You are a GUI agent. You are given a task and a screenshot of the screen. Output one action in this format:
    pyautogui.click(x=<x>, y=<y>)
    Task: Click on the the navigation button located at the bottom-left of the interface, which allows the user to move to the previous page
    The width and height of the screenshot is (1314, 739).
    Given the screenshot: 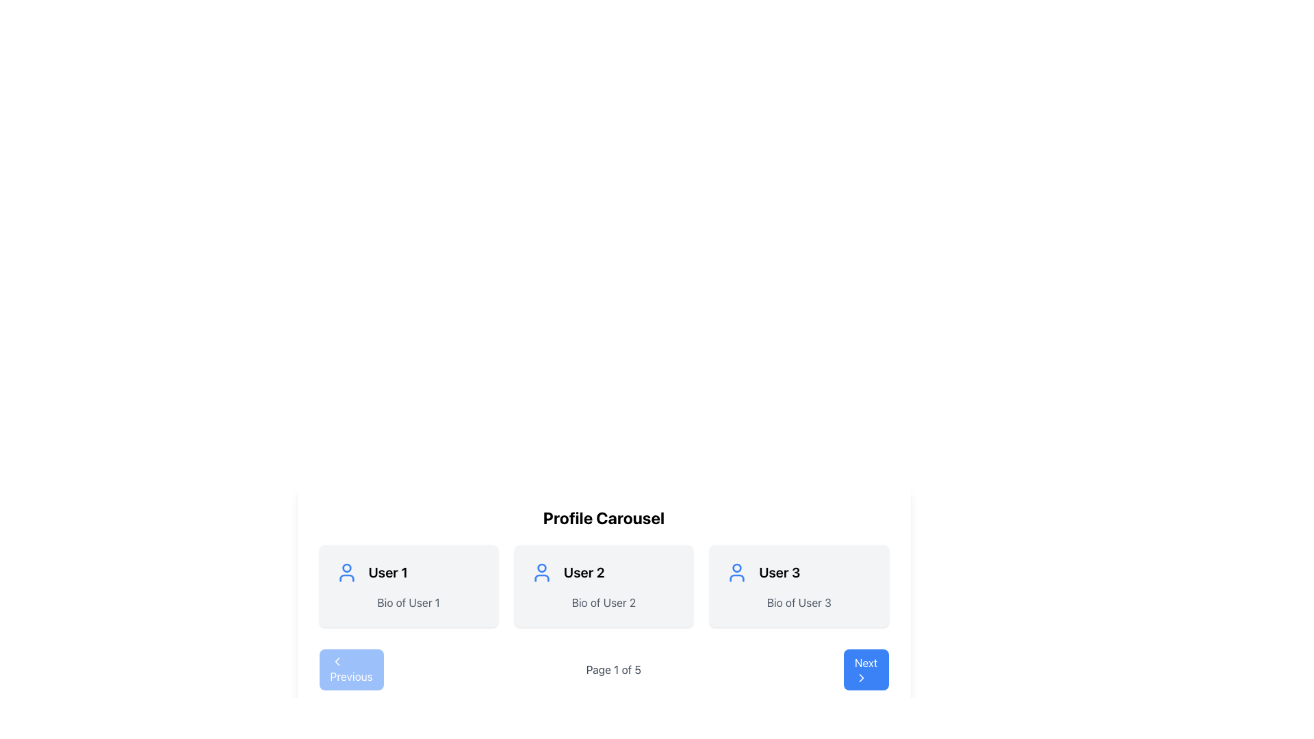 What is the action you would take?
    pyautogui.click(x=351, y=669)
    